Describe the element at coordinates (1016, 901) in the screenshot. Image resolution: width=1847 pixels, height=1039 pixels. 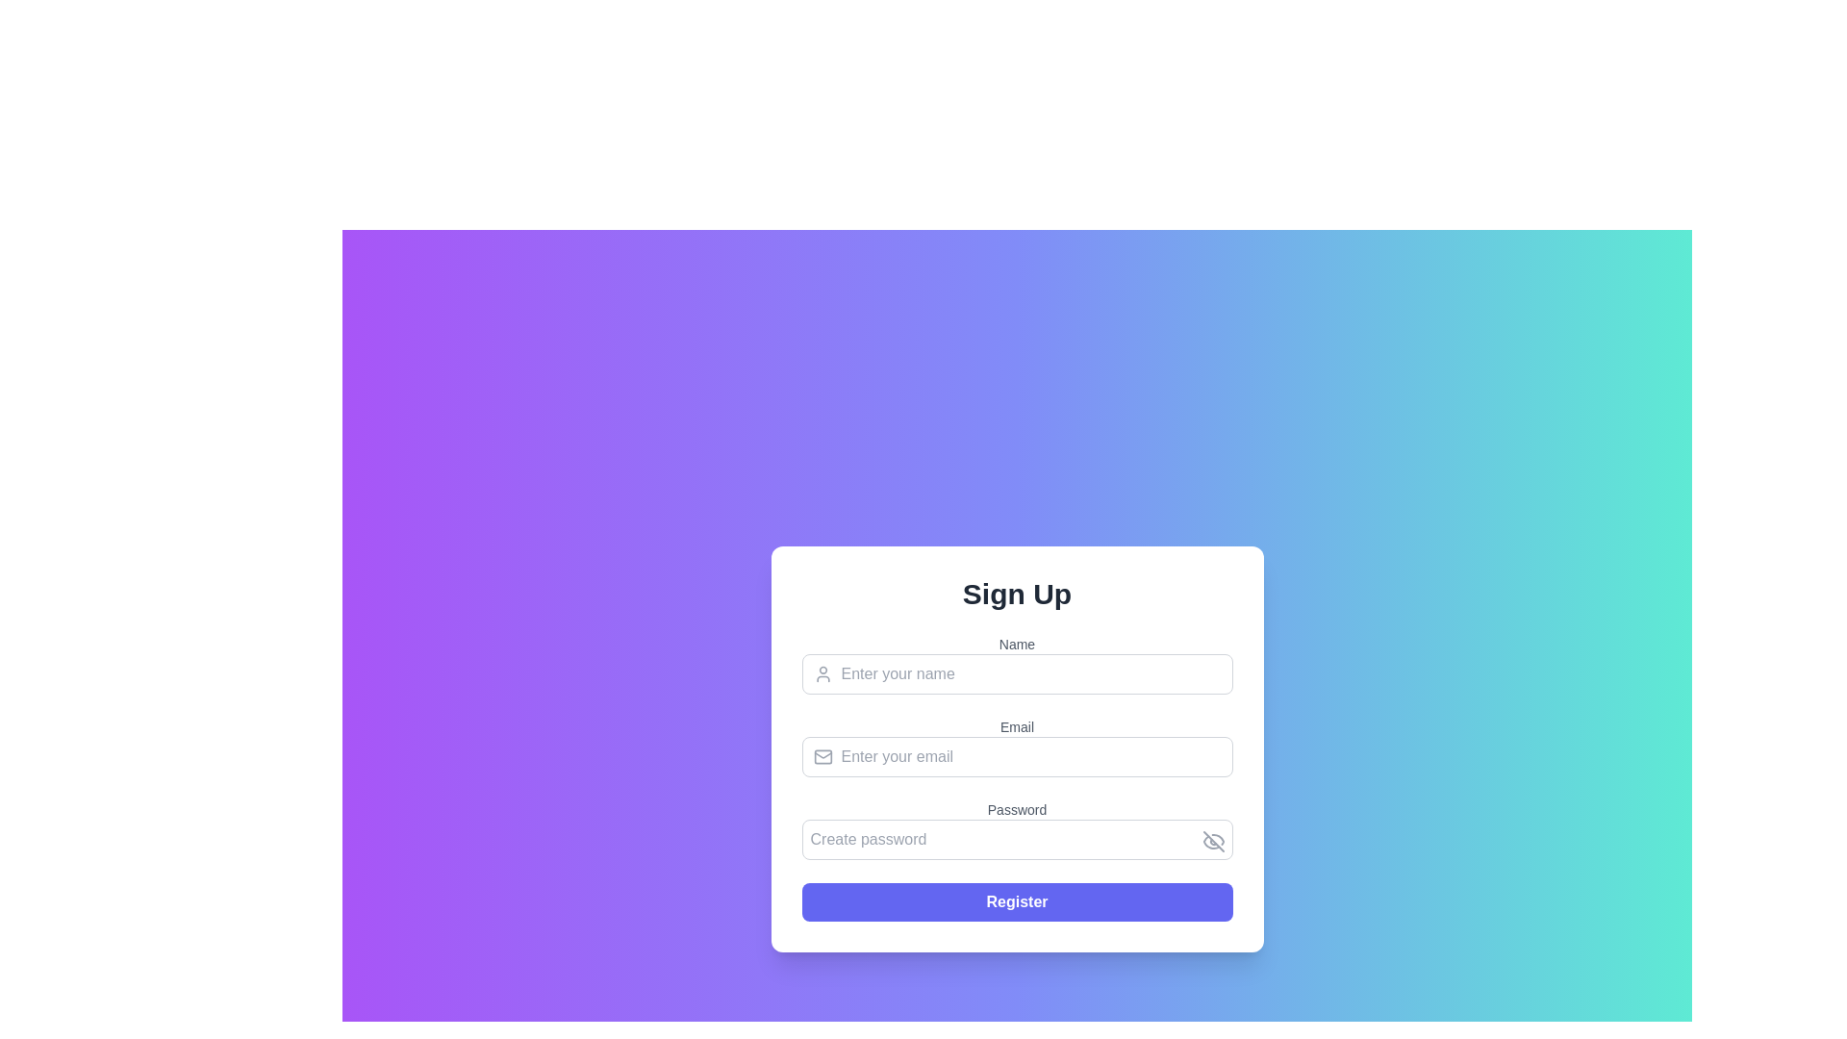
I see `the submission button located at the bottom of the form, centered horizontally` at that location.